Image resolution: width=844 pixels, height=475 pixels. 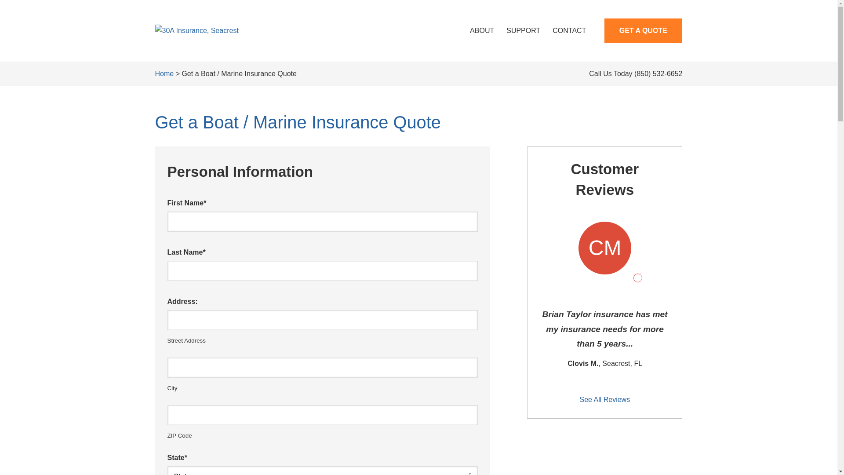 I want to click on 'Home Page (opens popup window)', so click(x=196, y=30).